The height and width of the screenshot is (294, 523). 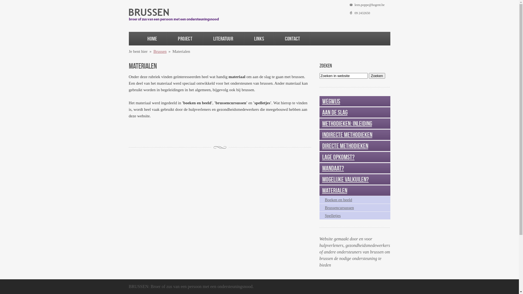 What do you see at coordinates (376, 76) in the screenshot?
I see `'Zoeken'` at bounding box center [376, 76].